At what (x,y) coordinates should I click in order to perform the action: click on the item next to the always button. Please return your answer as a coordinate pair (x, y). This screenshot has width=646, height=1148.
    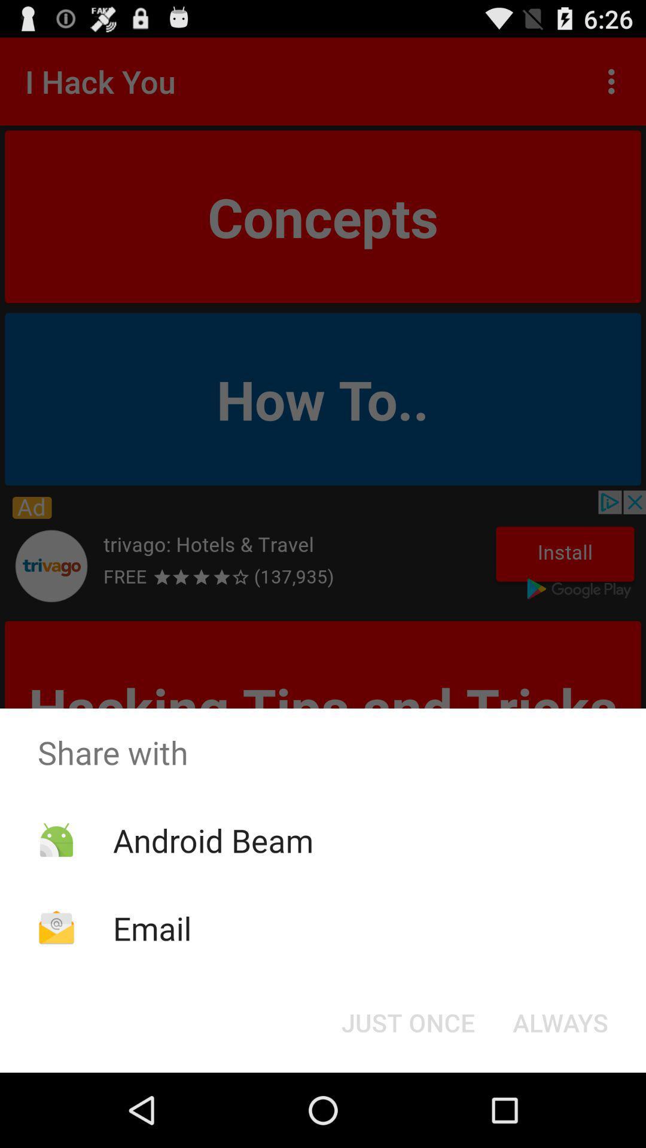
    Looking at the image, I should click on (407, 1021).